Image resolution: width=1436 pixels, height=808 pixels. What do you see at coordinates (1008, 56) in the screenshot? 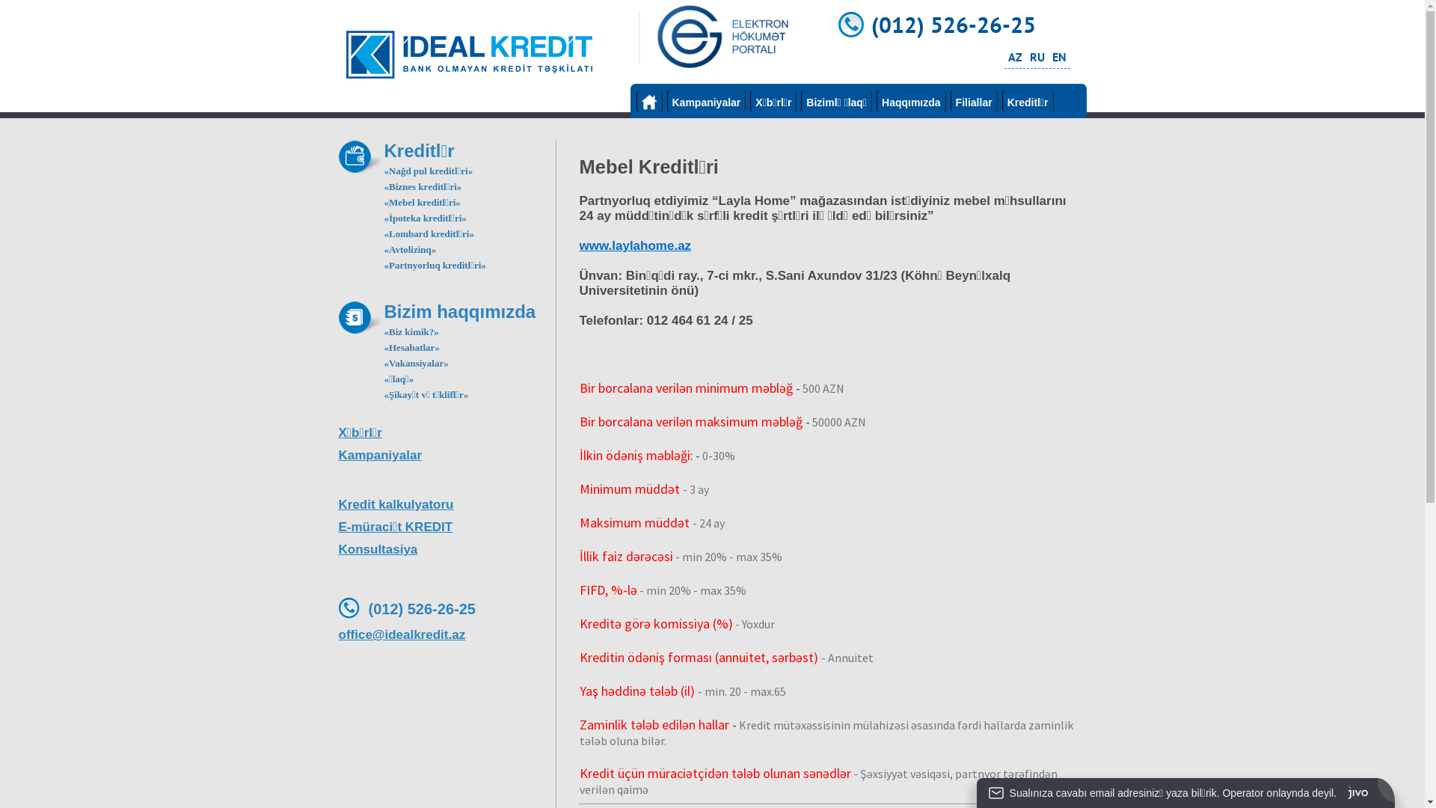
I see `'AZ'` at bounding box center [1008, 56].